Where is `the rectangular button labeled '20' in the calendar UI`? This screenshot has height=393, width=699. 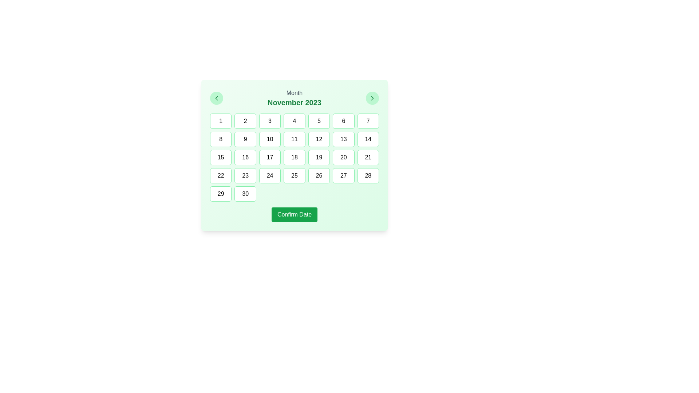
the rectangular button labeled '20' in the calendar UI is located at coordinates (343, 157).